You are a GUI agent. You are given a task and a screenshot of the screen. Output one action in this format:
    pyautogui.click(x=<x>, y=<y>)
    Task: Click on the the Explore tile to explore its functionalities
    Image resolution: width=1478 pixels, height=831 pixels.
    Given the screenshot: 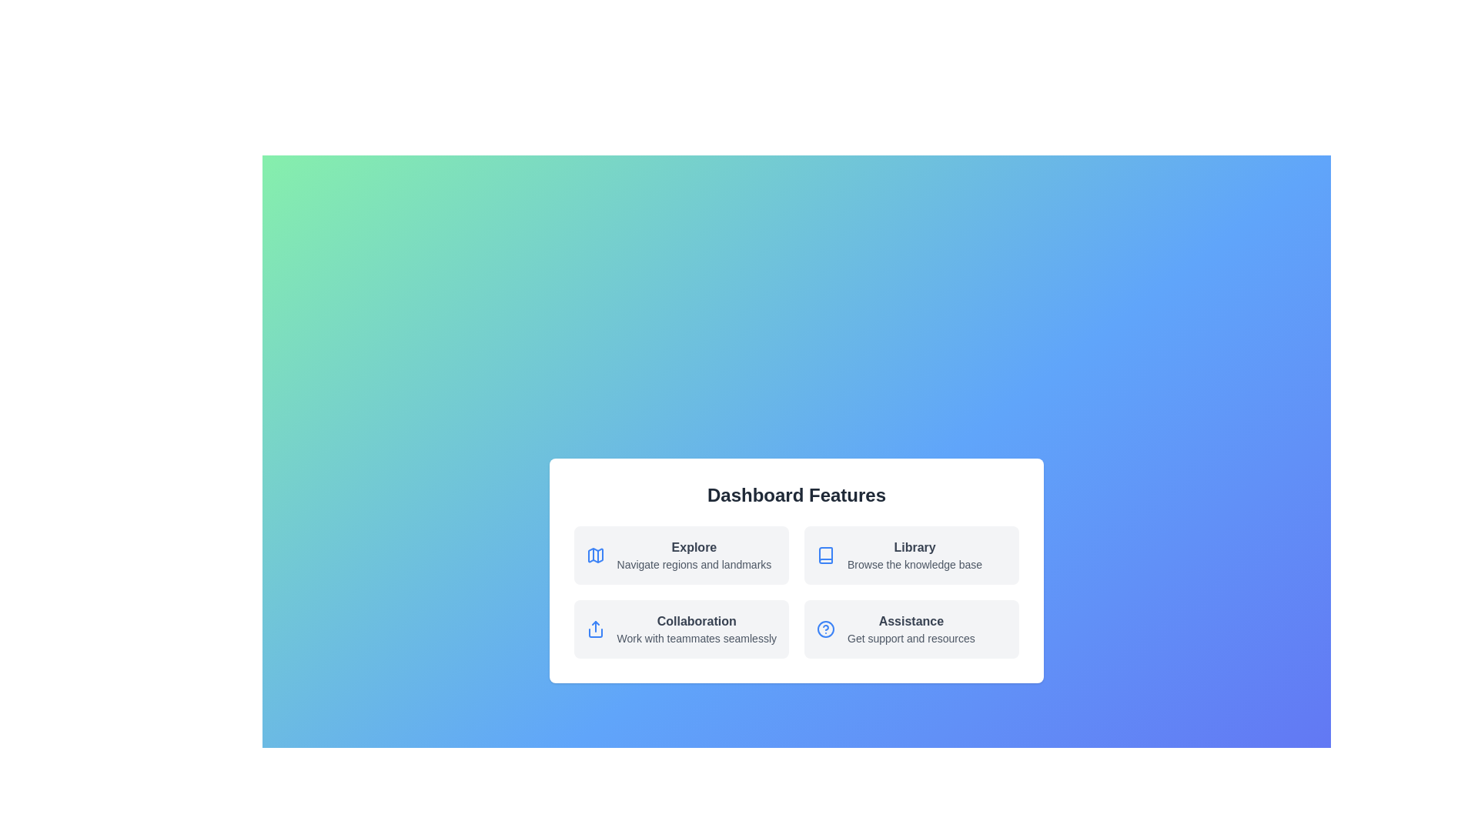 What is the action you would take?
    pyautogui.click(x=680, y=555)
    